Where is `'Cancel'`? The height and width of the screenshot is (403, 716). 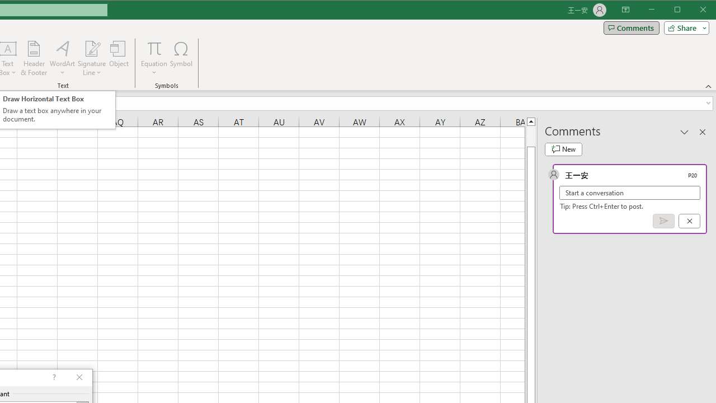
'Cancel' is located at coordinates (689, 221).